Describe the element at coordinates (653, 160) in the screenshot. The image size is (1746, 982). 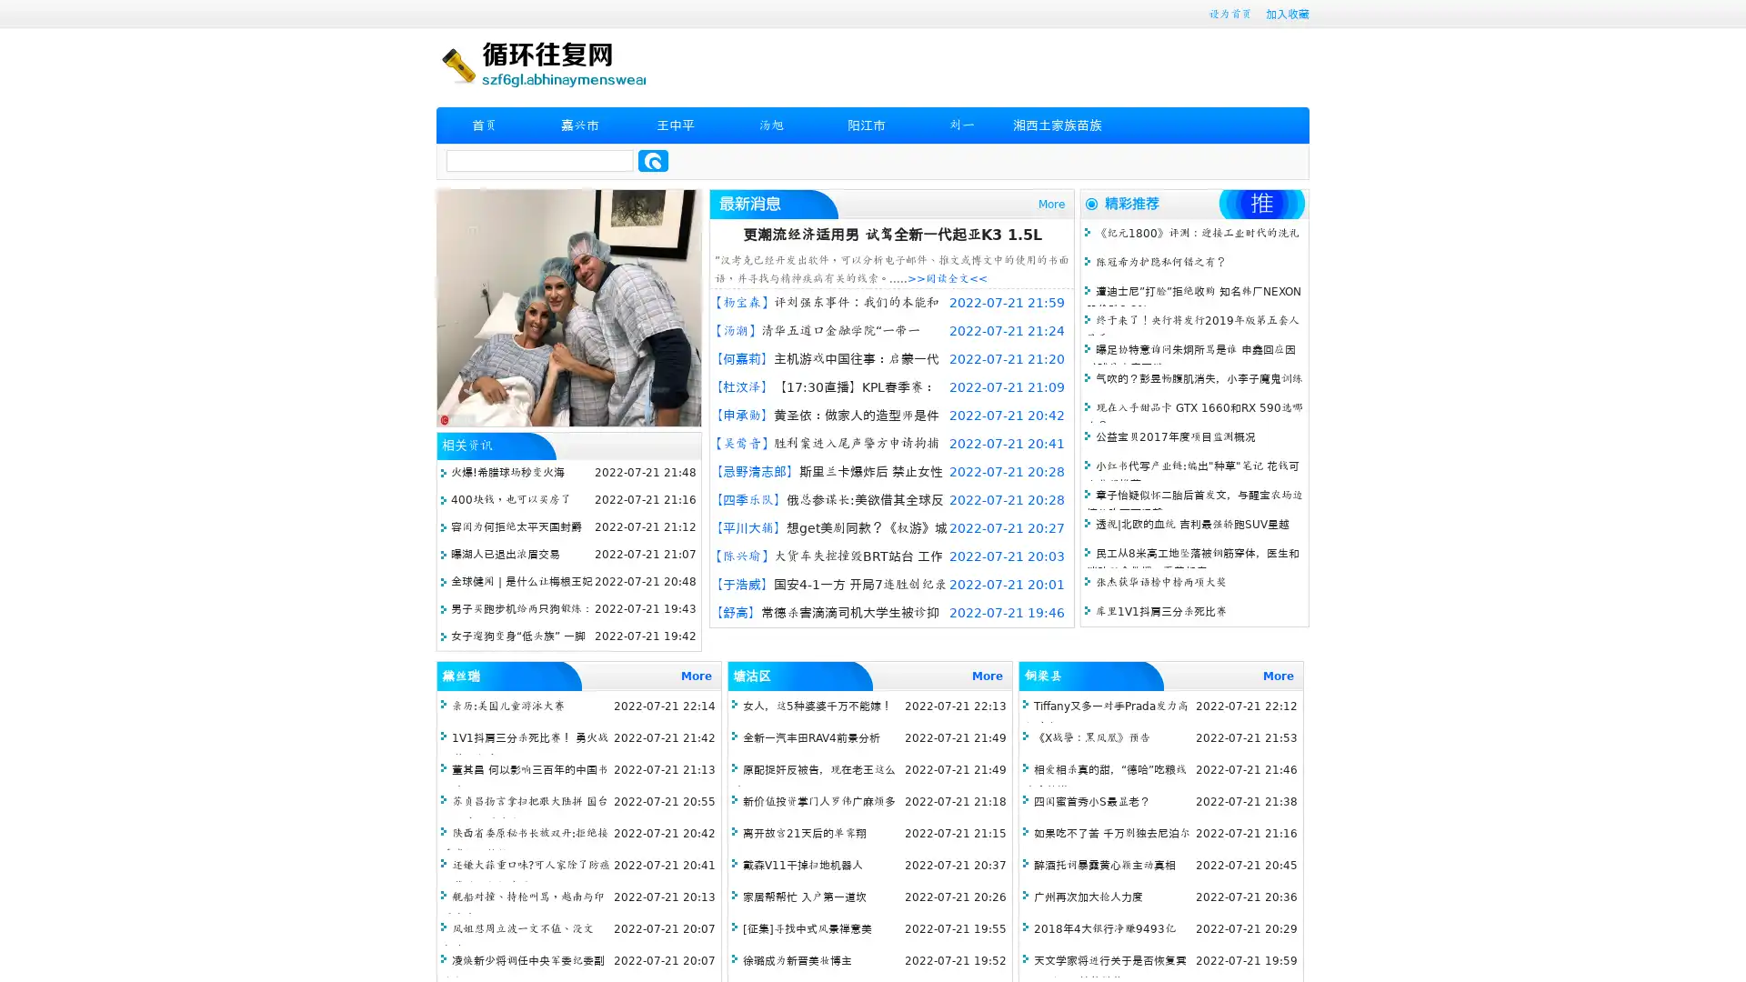
I see `Search` at that location.